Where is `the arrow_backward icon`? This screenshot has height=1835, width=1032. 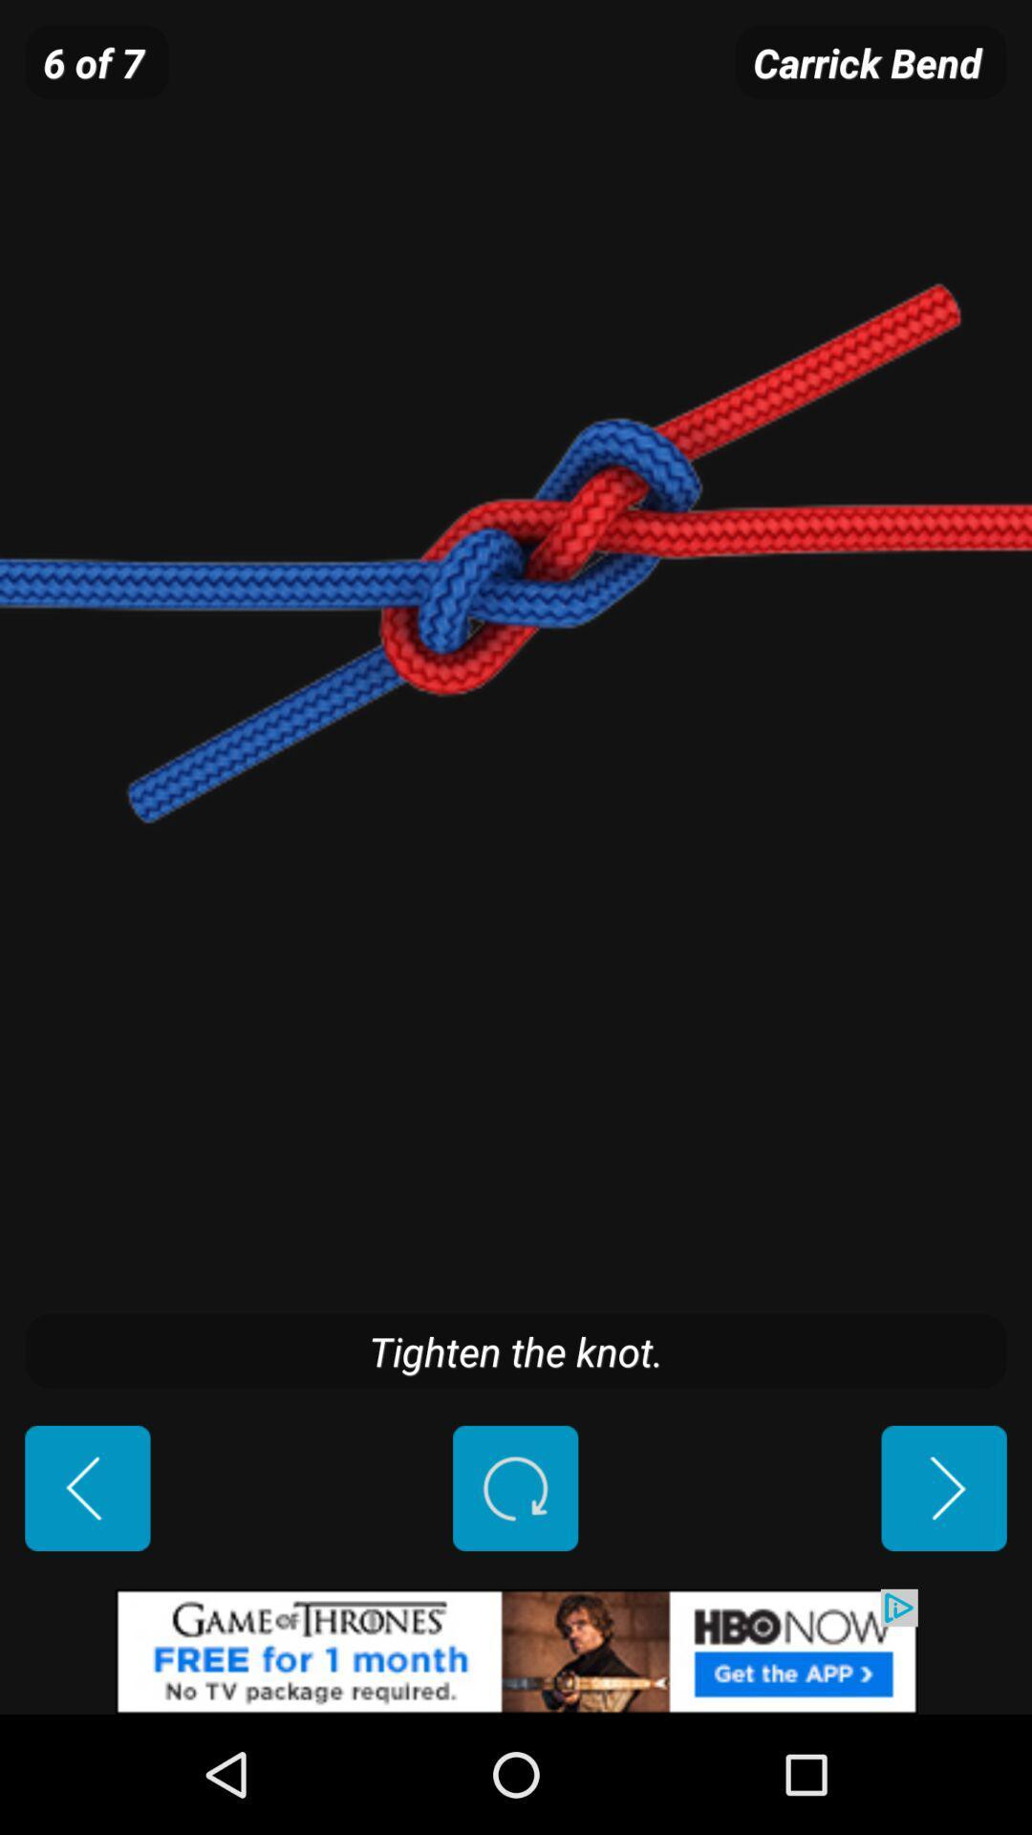
the arrow_backward icon is located at coordinates (87, 1592).